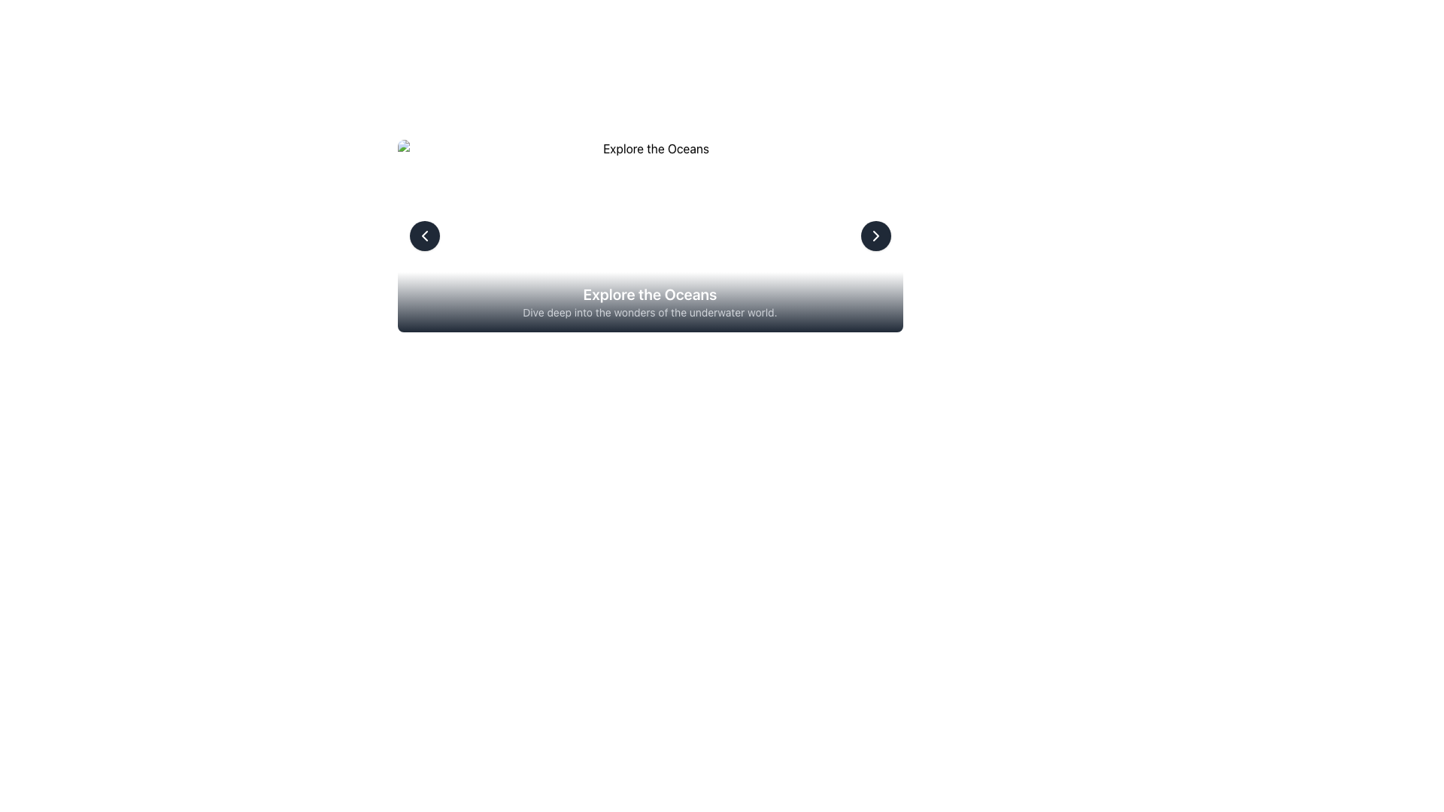 This screenshot has height=812, width=1444. What do you see at coordinates (650, 312) in the screenshot?
I see `the Text Display element located below the main heading 'Explore the Oceans.'` at bounding box center [650, 312].